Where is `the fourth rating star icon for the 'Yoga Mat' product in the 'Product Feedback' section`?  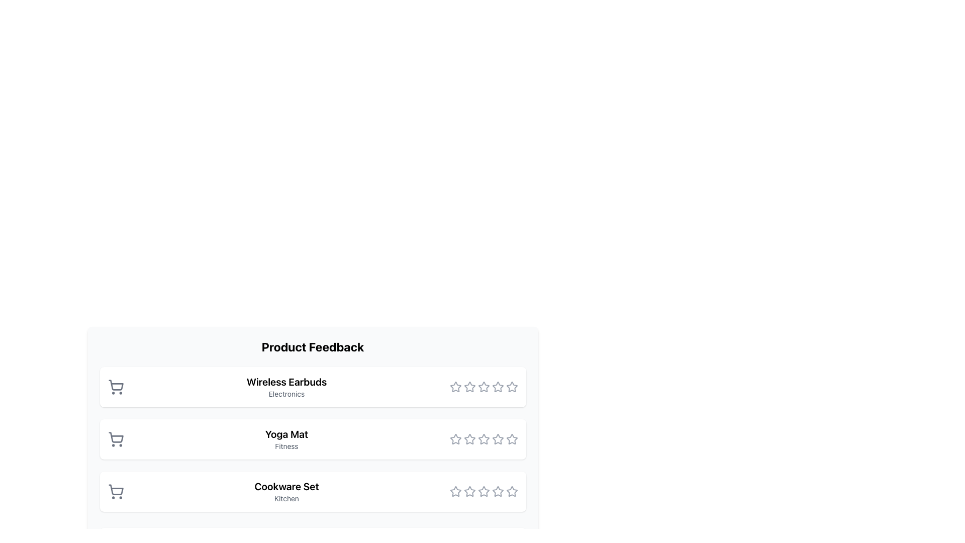
the fourth rating star icon for the 'Yoga Mat' product in the 'Product Feedback' section is located at coordinates (484, 438).